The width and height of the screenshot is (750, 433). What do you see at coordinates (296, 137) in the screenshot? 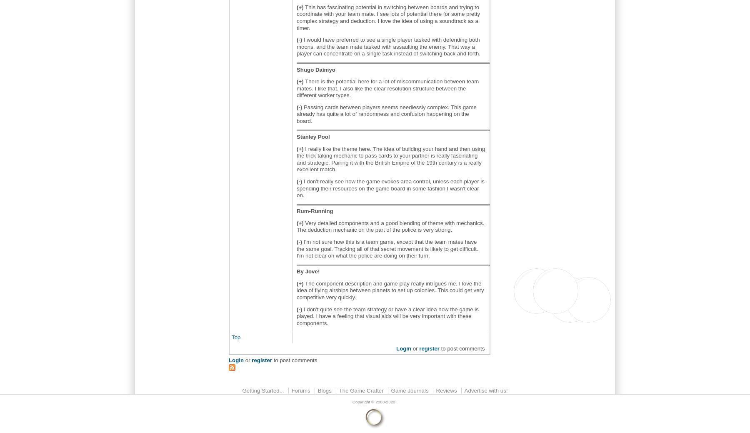
I see `'Stanley Pool'` at bounding box center [296, 137].